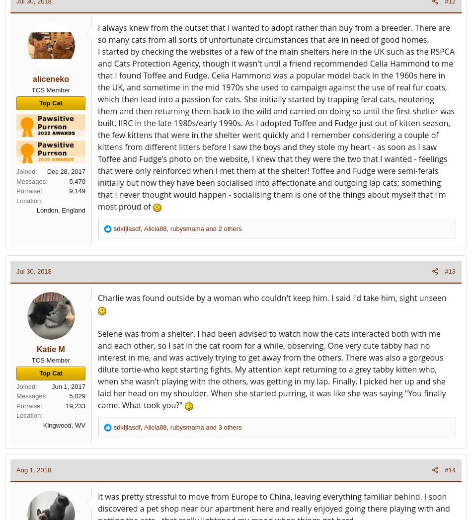 The width and height of the screenshot is (472, 520). What do you see at coordinates (450, 271) in the screenshot?
I see `'#13'` at bounding box center [450, 271].